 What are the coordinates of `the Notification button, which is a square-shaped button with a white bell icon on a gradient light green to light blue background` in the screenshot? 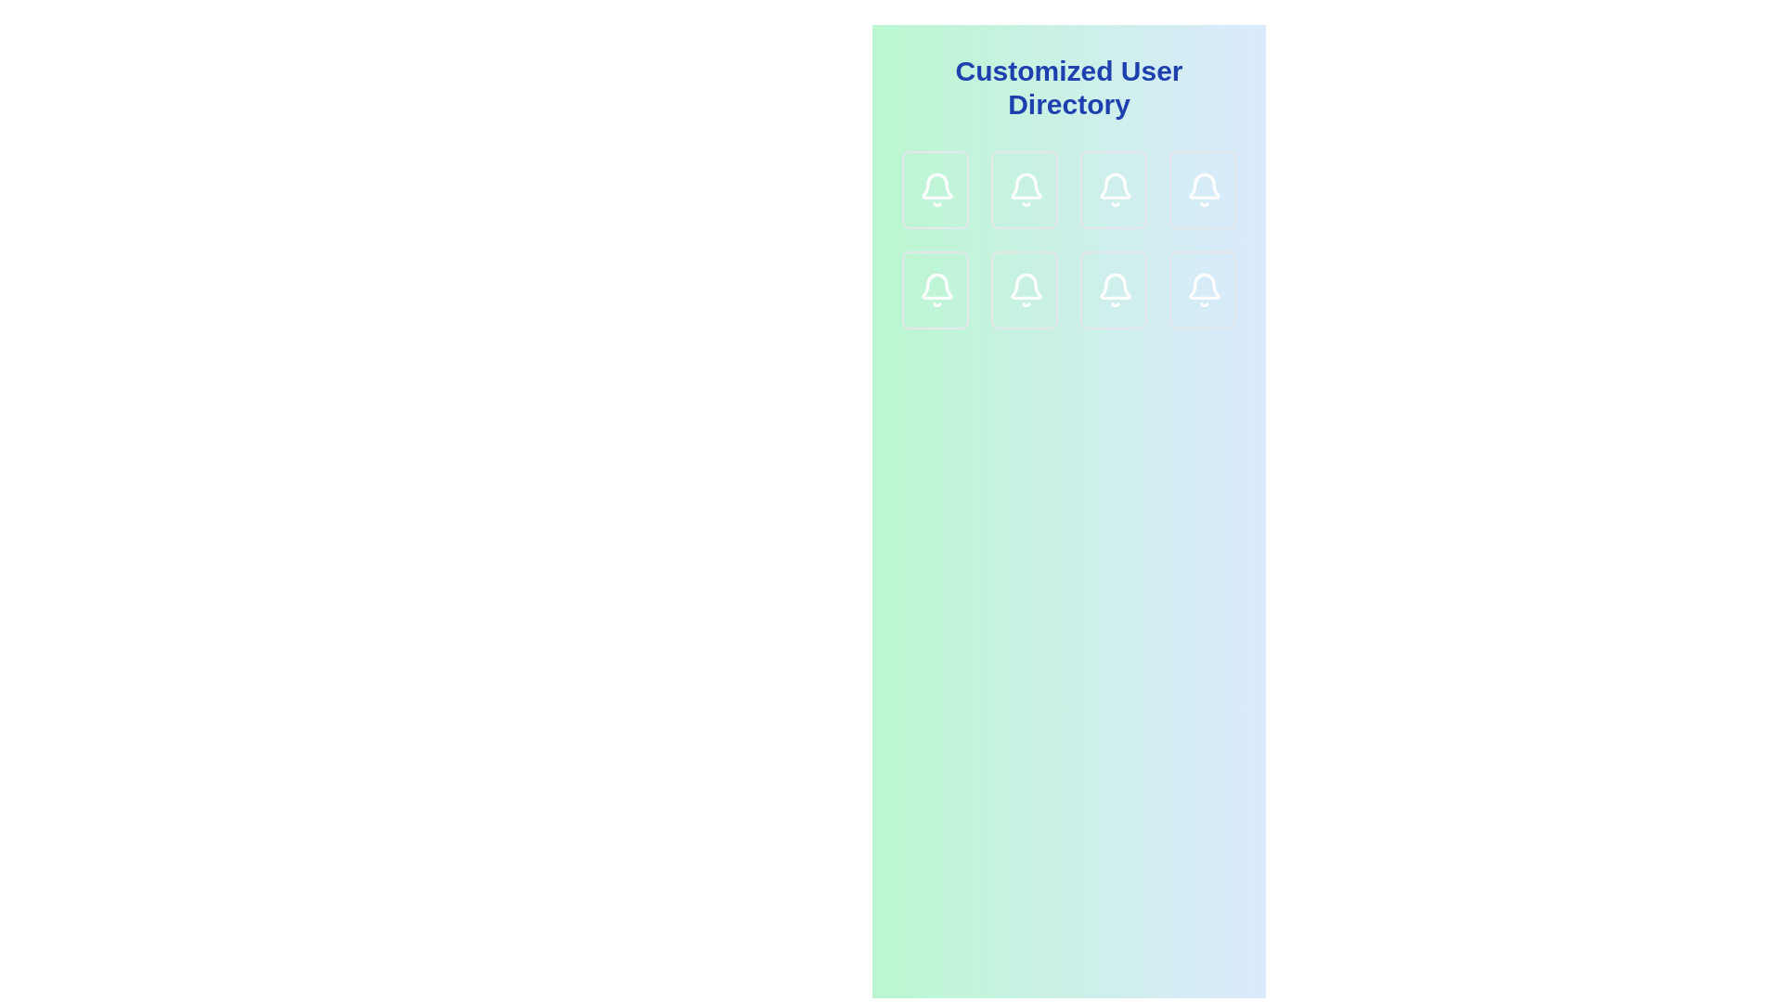 It's located at (1024, 289).